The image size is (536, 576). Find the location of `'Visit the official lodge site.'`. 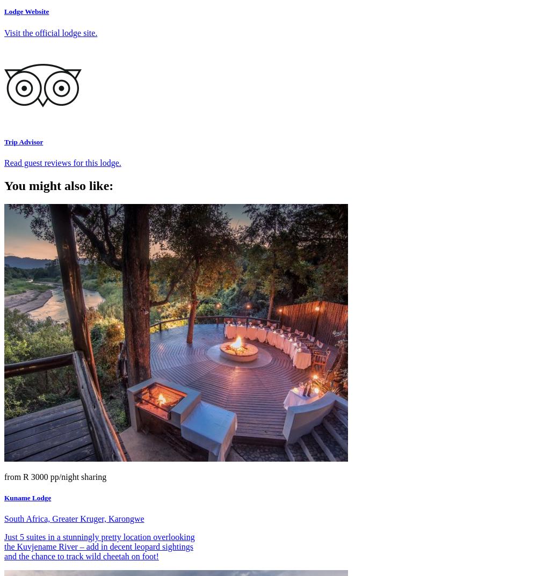

'Visit the official lodge site.' is located at coordinates (50, 32).